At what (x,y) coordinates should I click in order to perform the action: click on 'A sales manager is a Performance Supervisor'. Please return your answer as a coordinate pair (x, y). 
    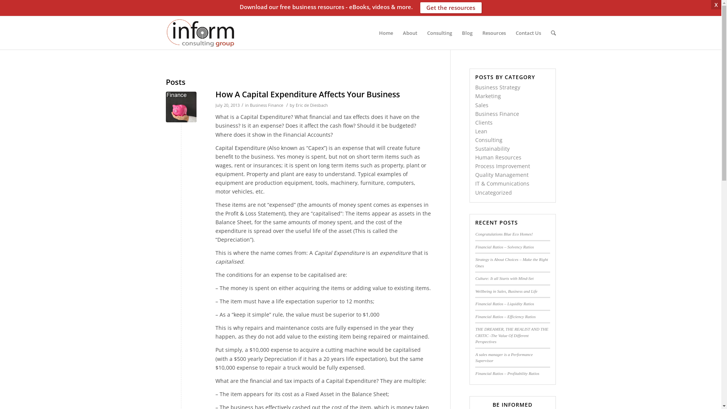
    Looking at the image, I should click on (504, 357).